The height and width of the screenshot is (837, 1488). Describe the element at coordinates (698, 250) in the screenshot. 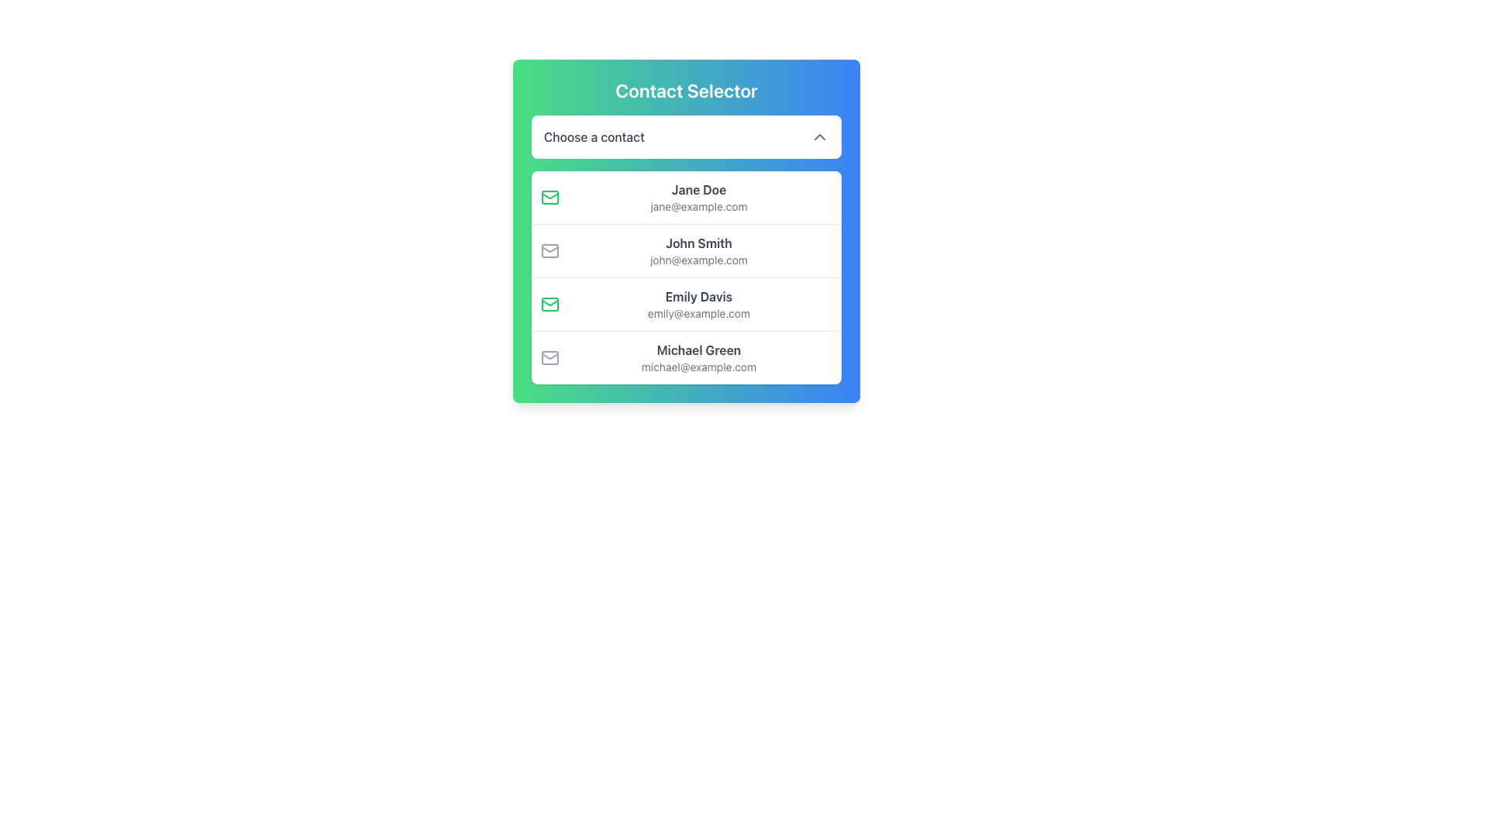

I see `the selectable contact entry displaying the user's name and email address, which is the second item in the 'Contact Selector' list` at that location.